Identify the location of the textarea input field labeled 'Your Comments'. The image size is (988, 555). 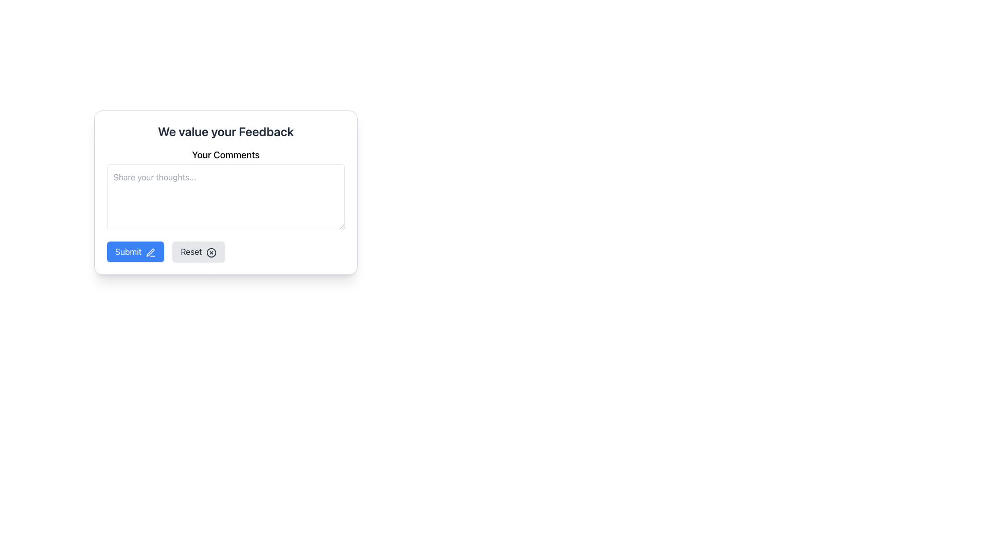
(225, 190).